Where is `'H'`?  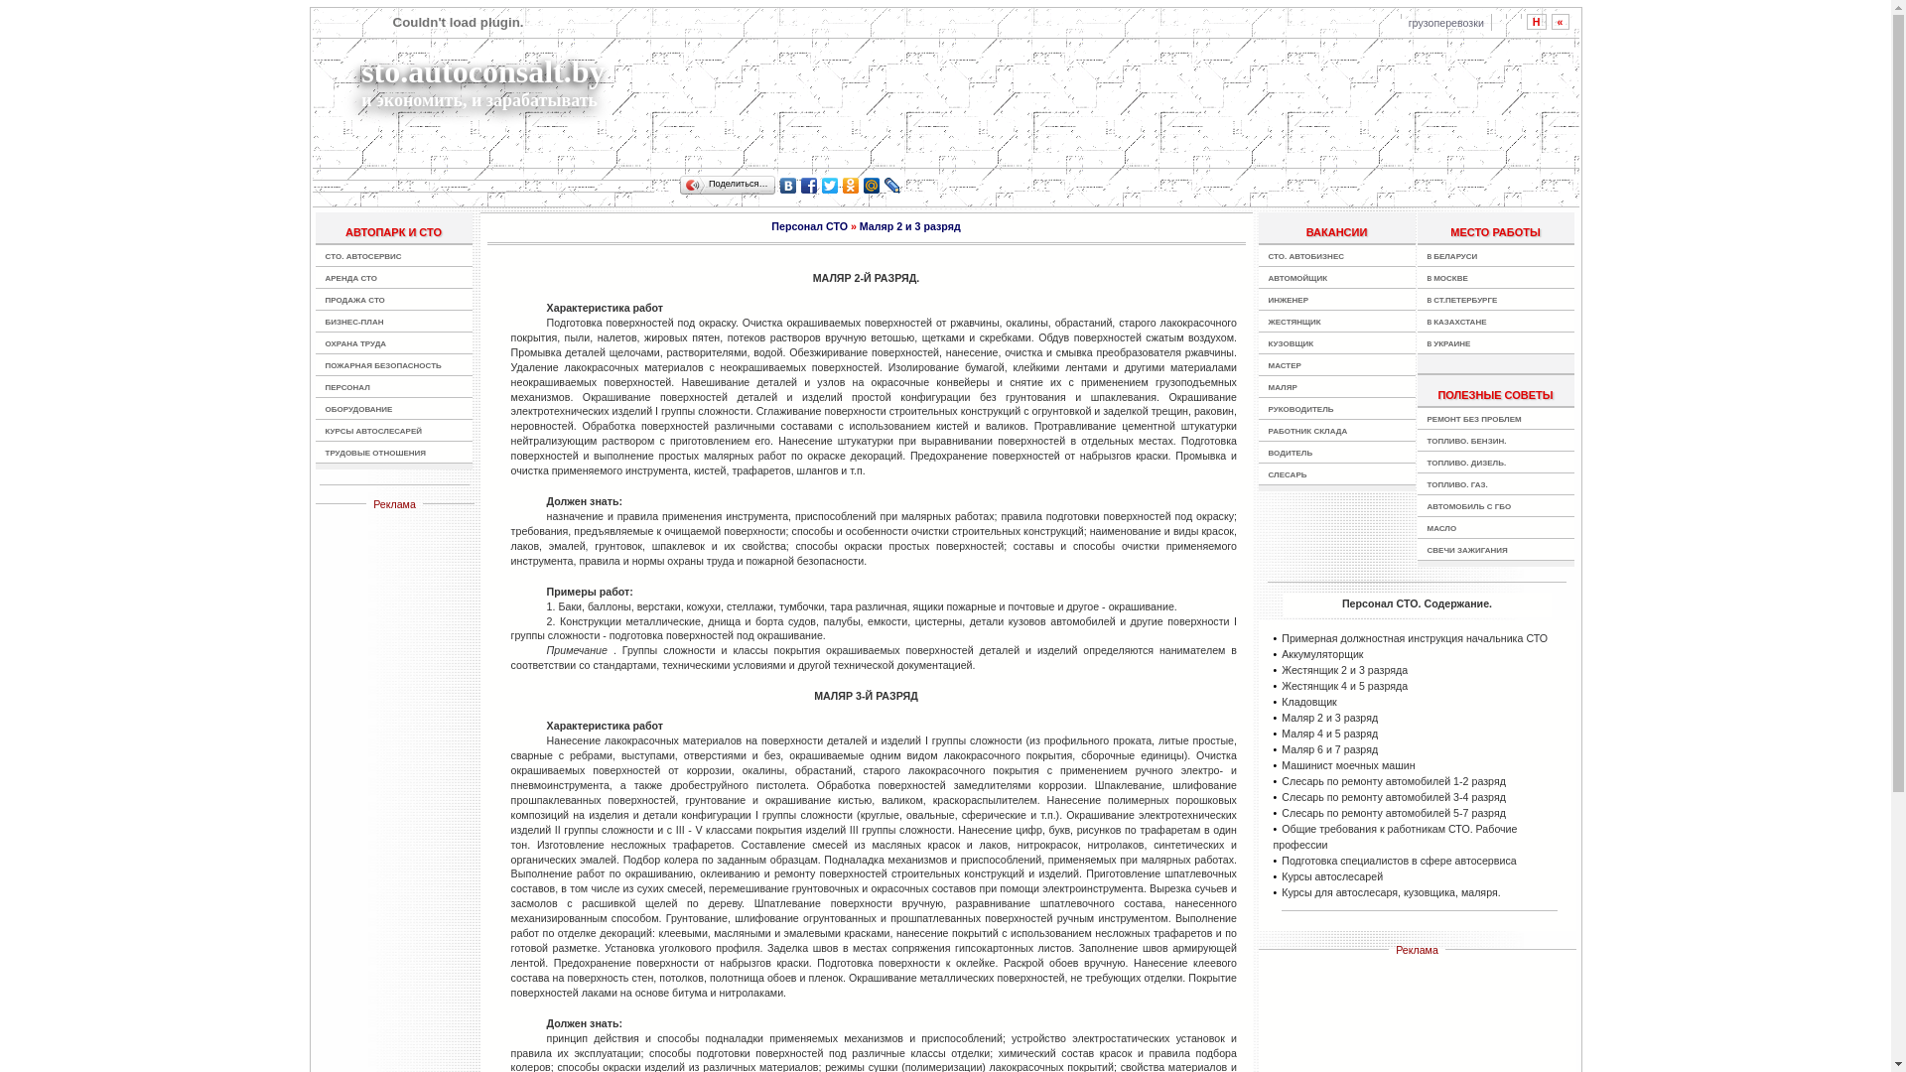 'H' is located at coordinates (1535, 22).